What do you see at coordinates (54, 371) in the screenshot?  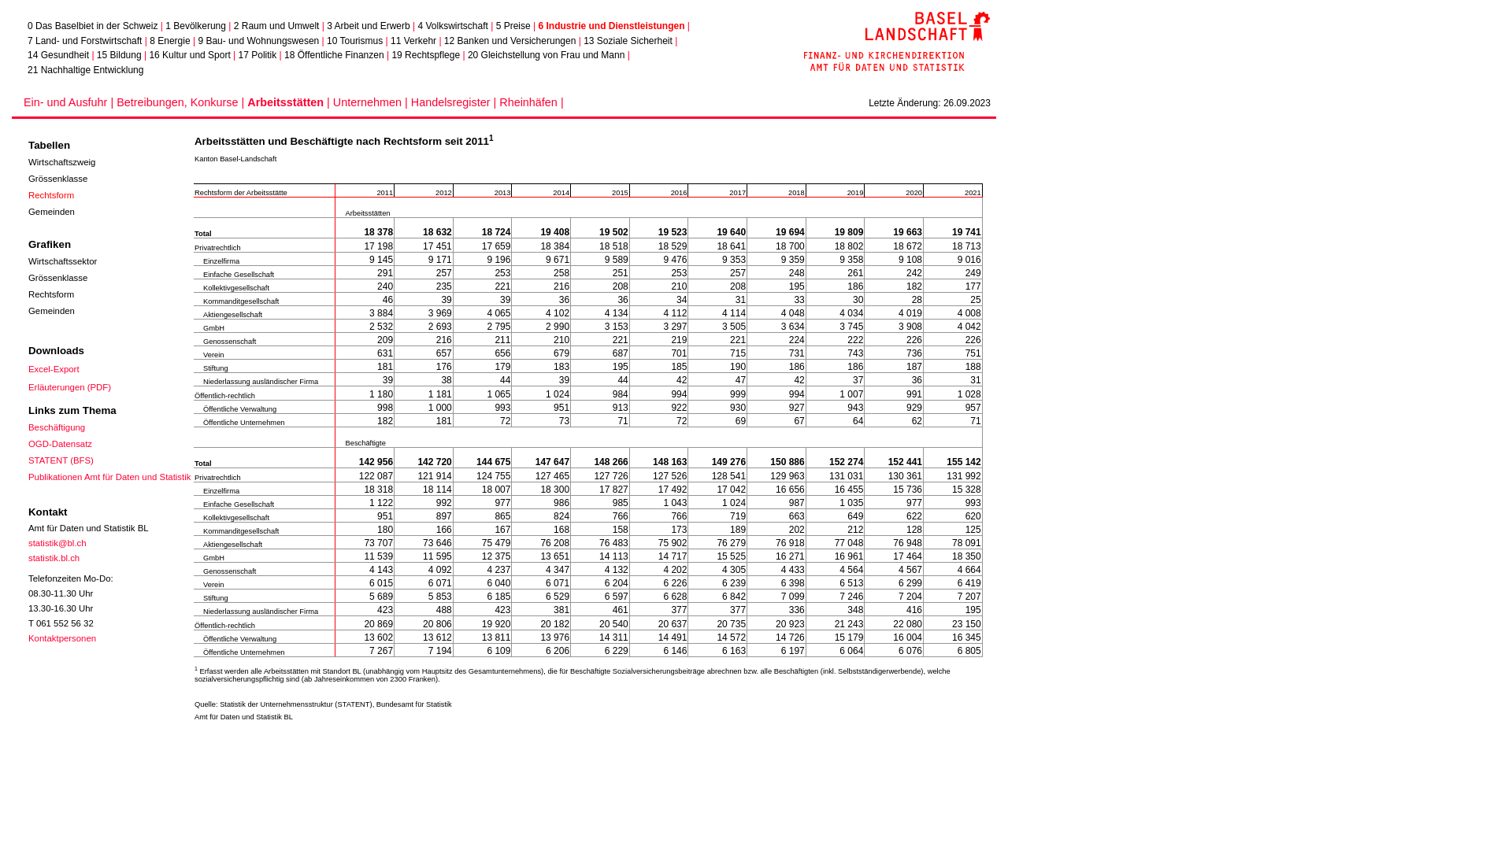 I see `'Excel-Export'` at bounding box center [54, 371].